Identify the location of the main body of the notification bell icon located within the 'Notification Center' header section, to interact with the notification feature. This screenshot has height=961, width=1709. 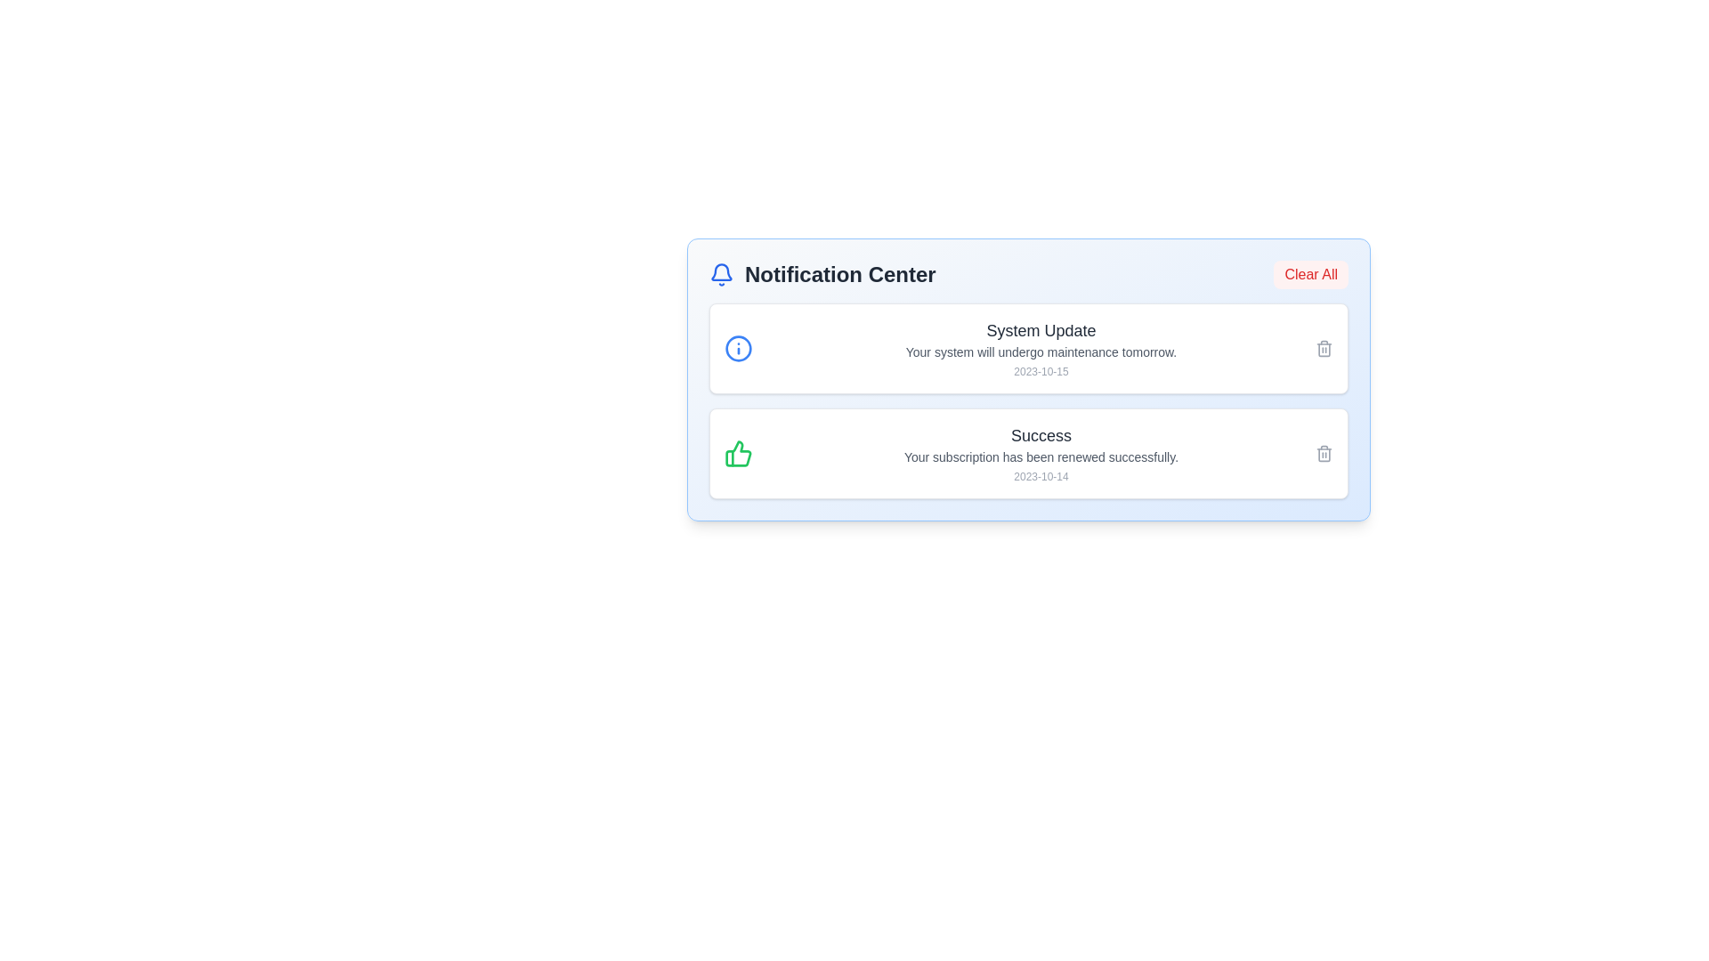
(722, 272).